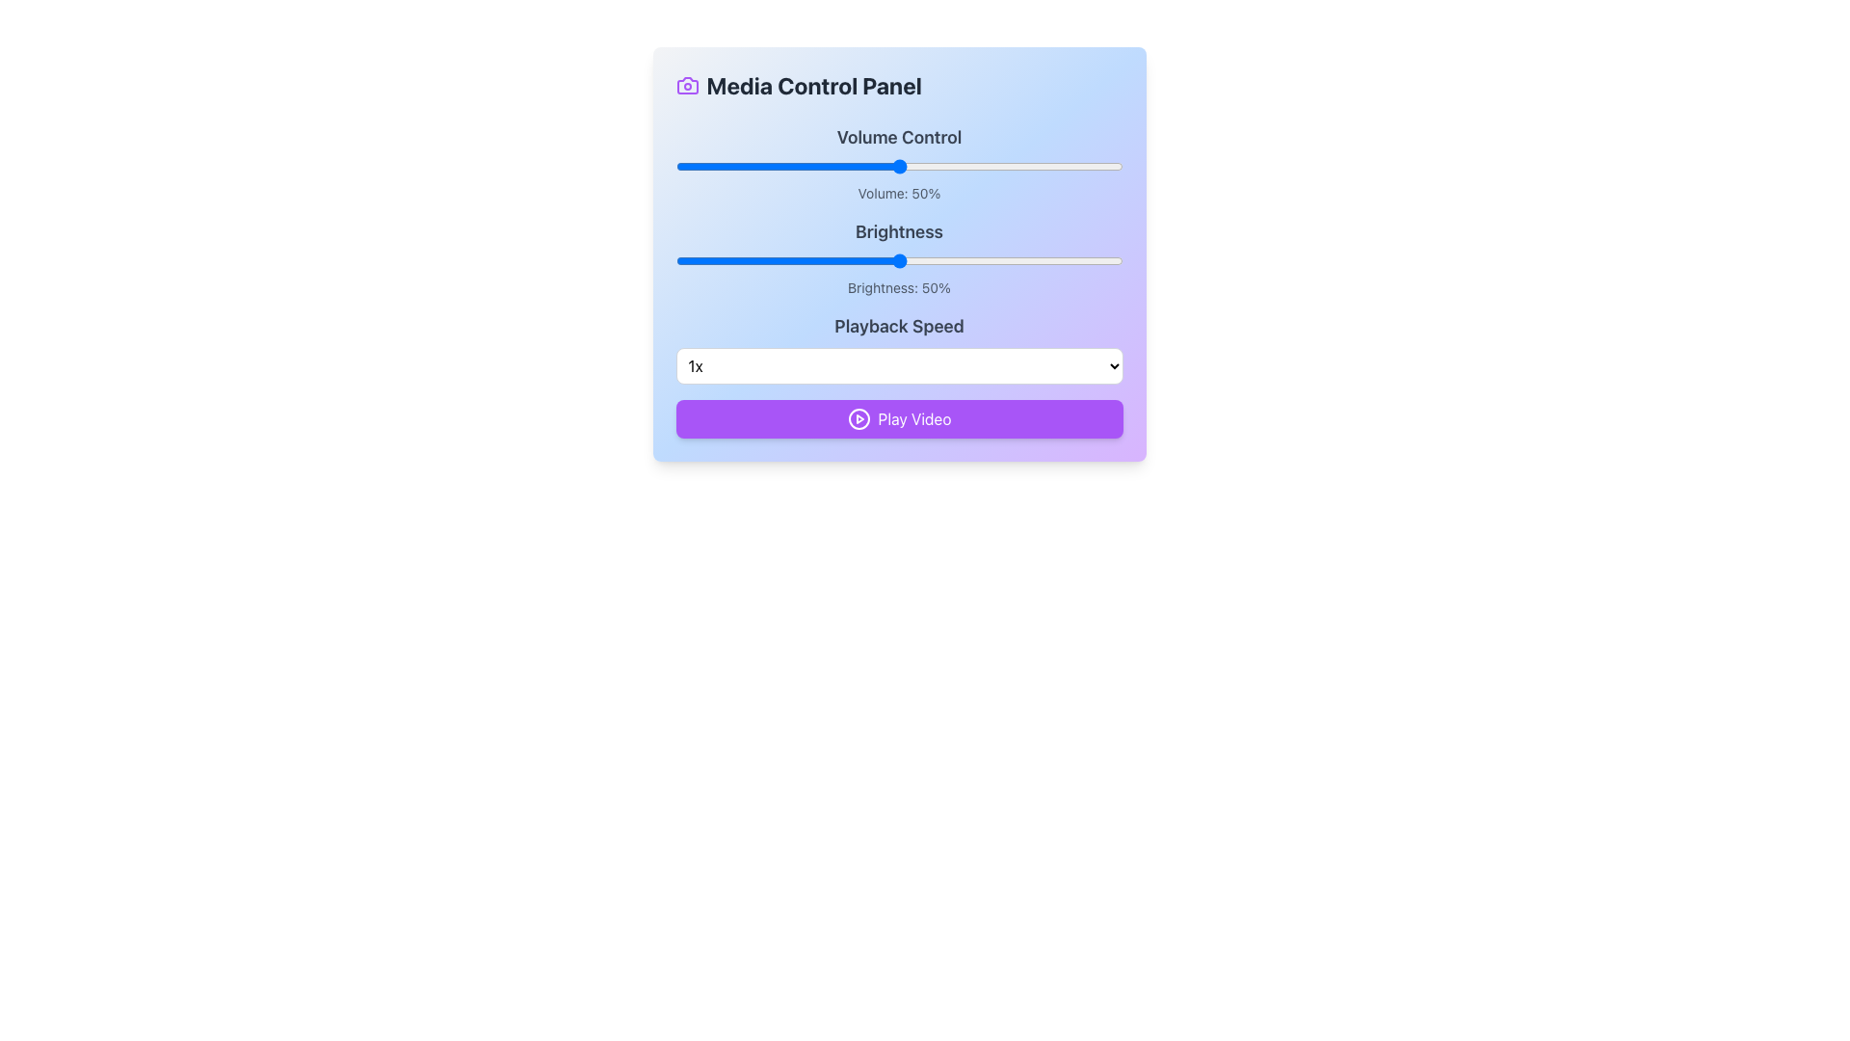  Describe the element at coordinates (710, 260) in the screenshot. I see `the brightness level` at that location.